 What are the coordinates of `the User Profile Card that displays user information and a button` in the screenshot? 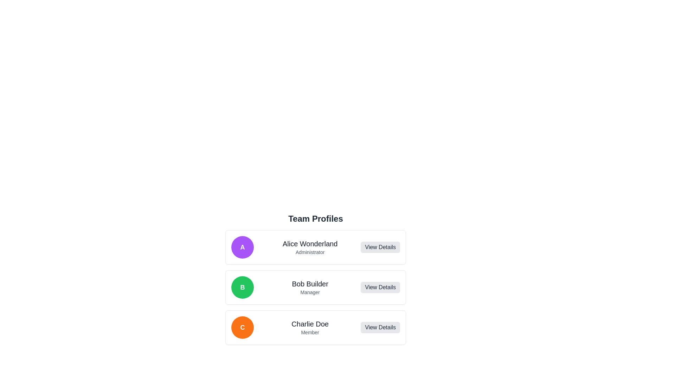 It's located at (315, 327).